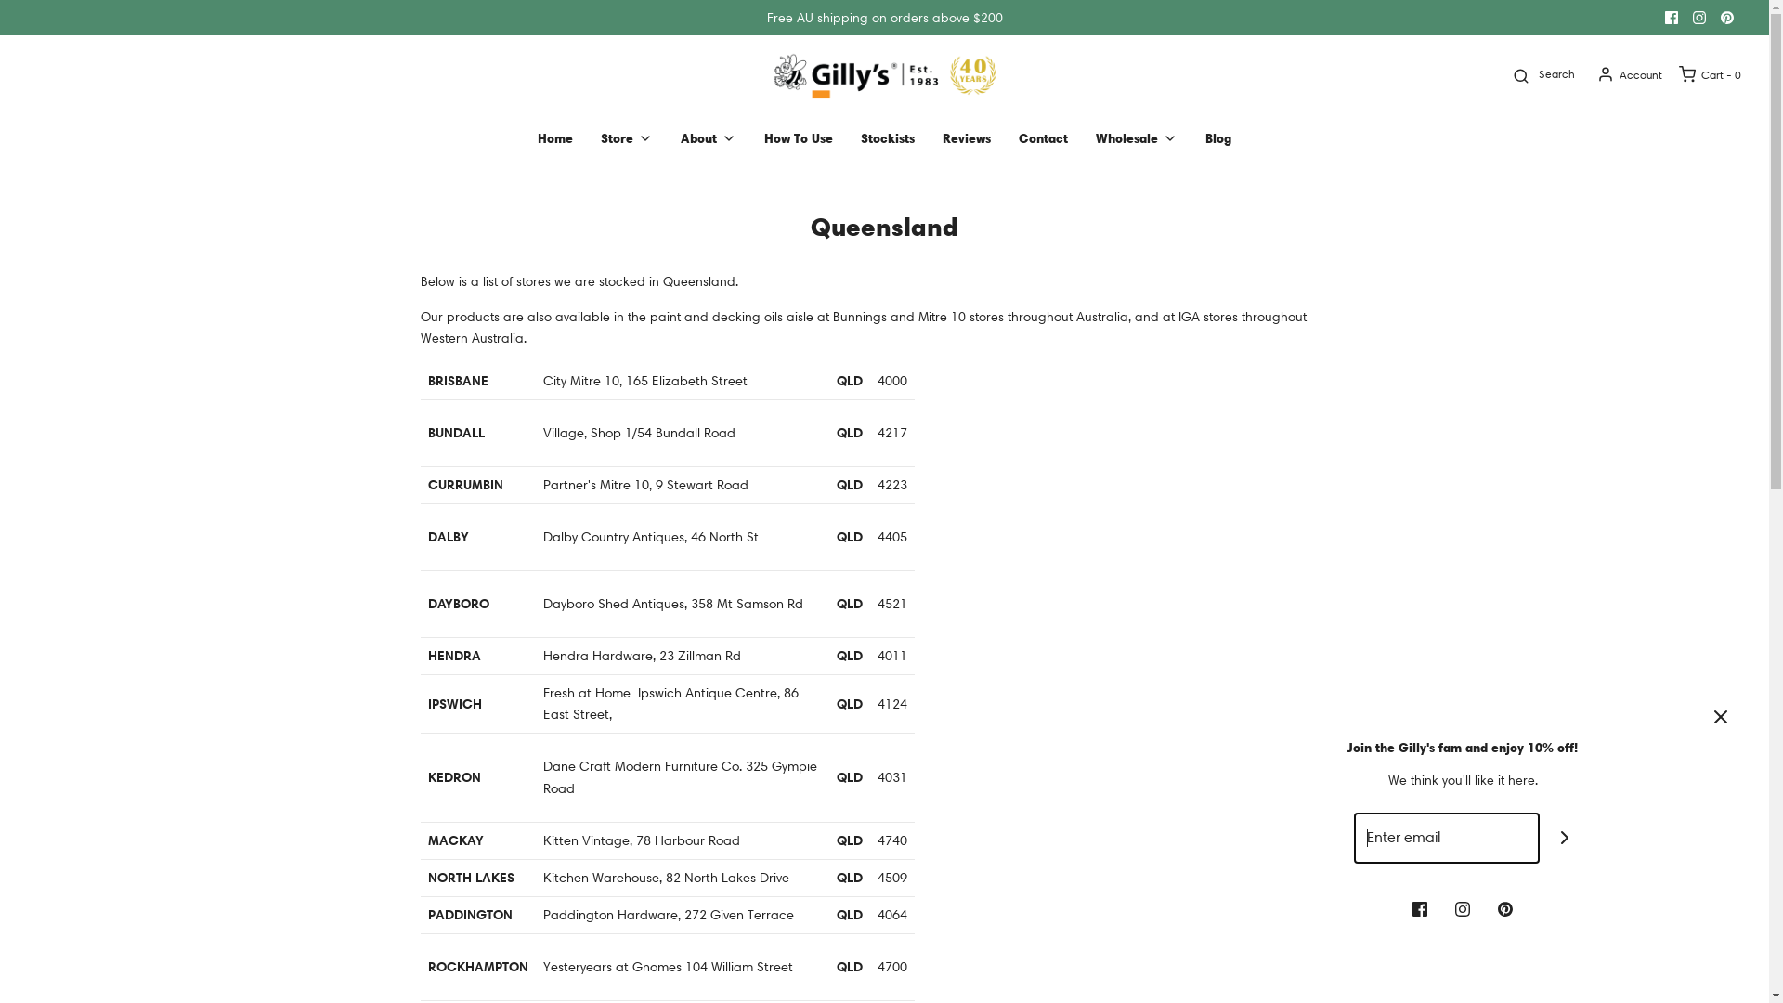  Describe the element at coordinates (1504, 73) in the screenshot. I see `'Search'` at that location.